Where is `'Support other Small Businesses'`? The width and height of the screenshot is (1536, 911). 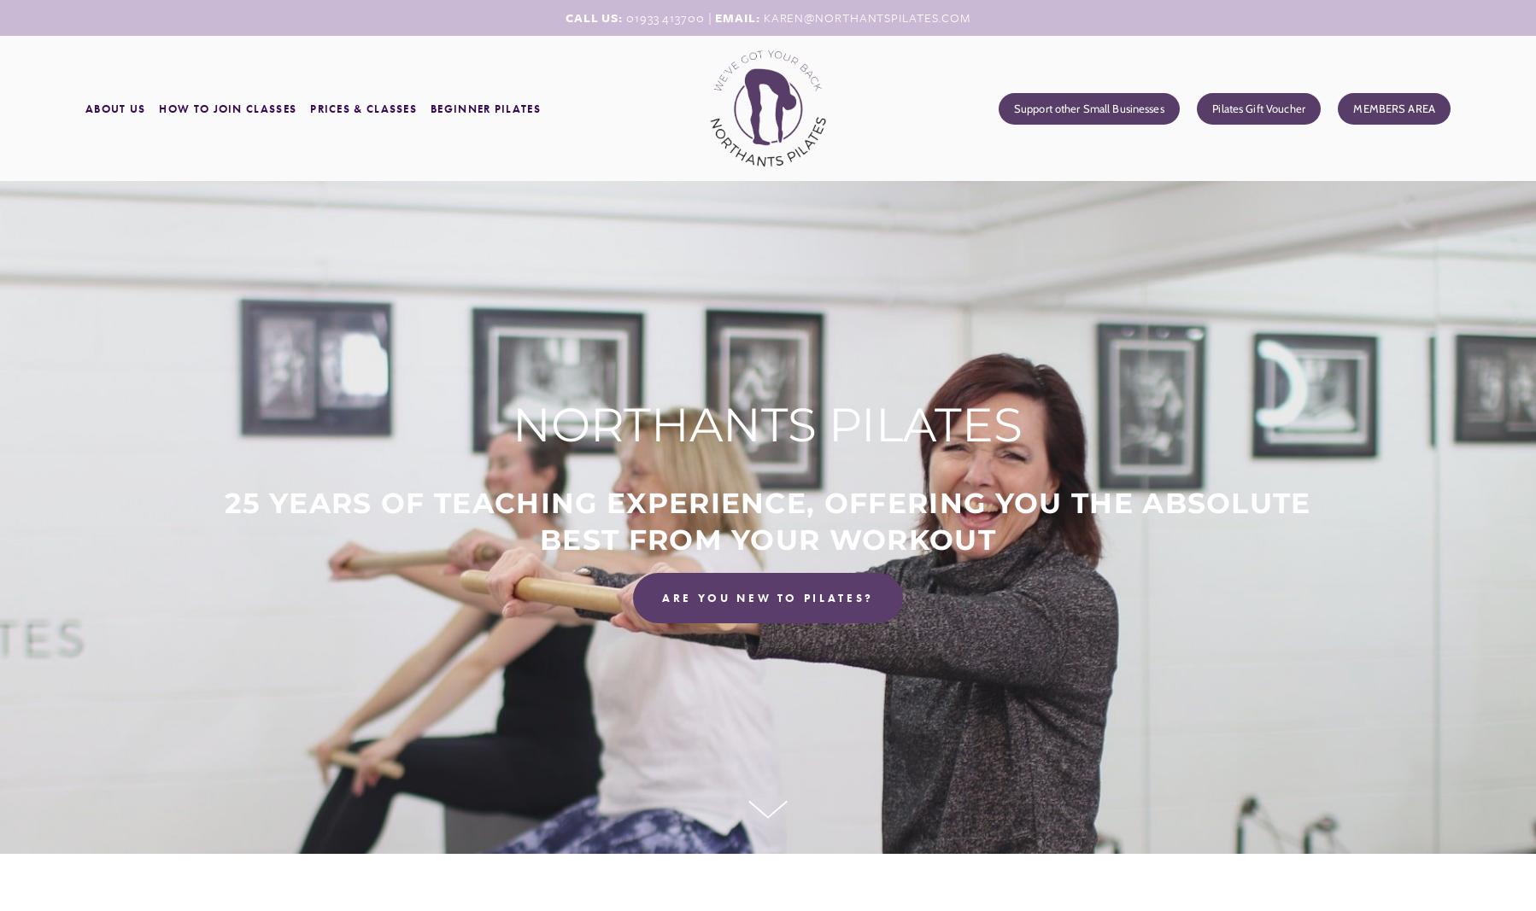 'Support other Small Businesses' is located at coordinates (1012, 107).